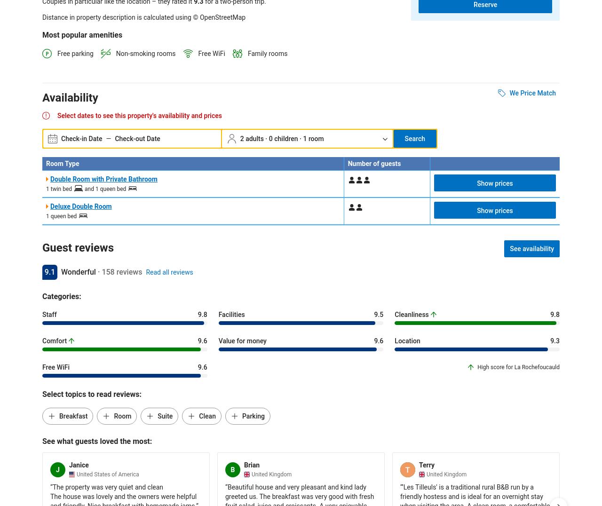 This screenshot has height=506, width=602. What do you see at coordinates (373, 163) in the screenshot?
I see `'Number of guests'` at bounding box center [373, 163].